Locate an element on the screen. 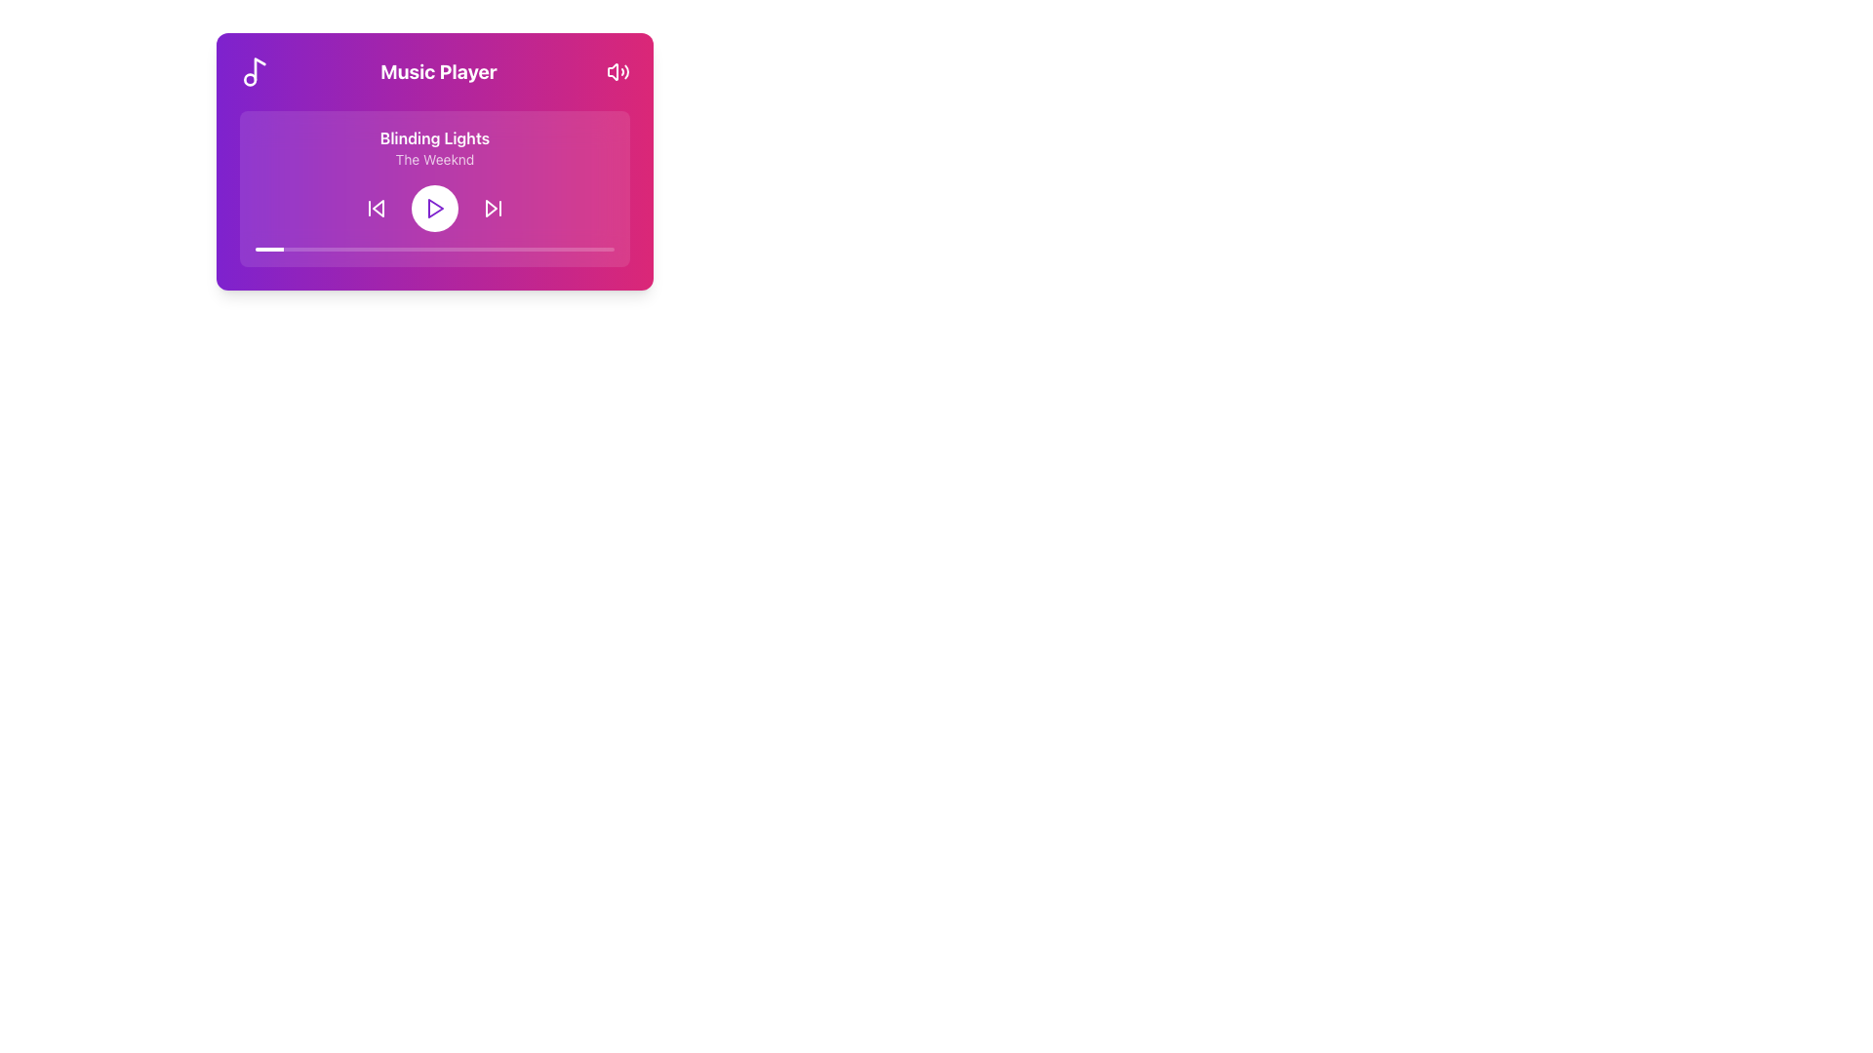 The width and height of the screenshot is (1873, 1053). the 'previous track' button located just to the left of the 'Play' button in the music player interface is located at coordinates (376, 208).